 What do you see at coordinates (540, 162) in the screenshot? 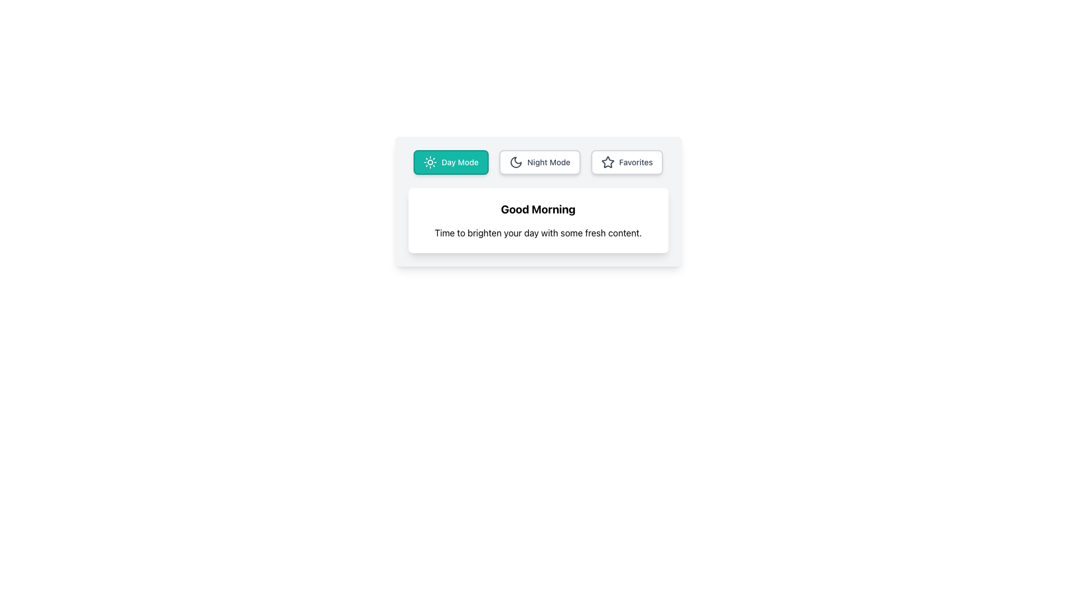
I see `the 'Night Mode' button, which is a rectangular button with a white background, rounded corners, gray text, and a moon-shaped icon, to observe the hover effect` at bounding box center [540, 162].